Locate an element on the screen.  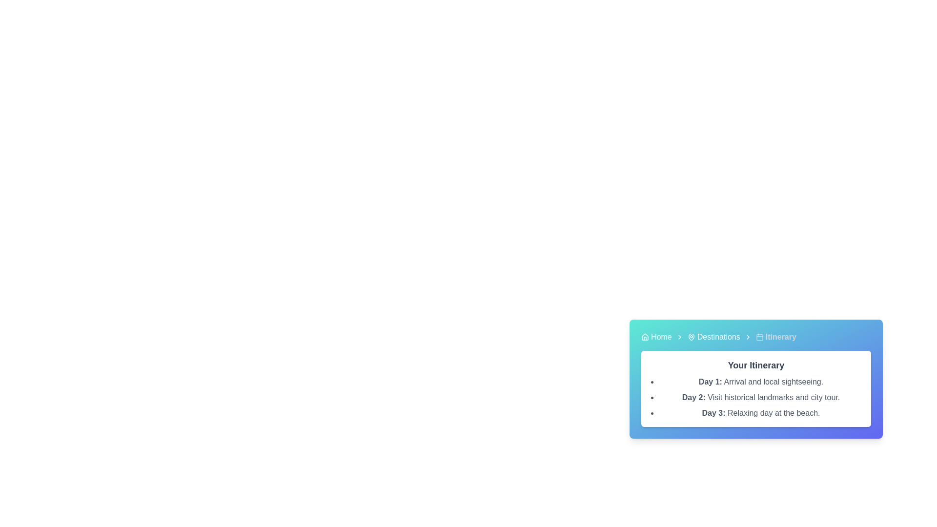
the 'Home' breadcrumb item, which consists of a house-shaped icon and the text 'Home' is located at coordinates (656, 336).